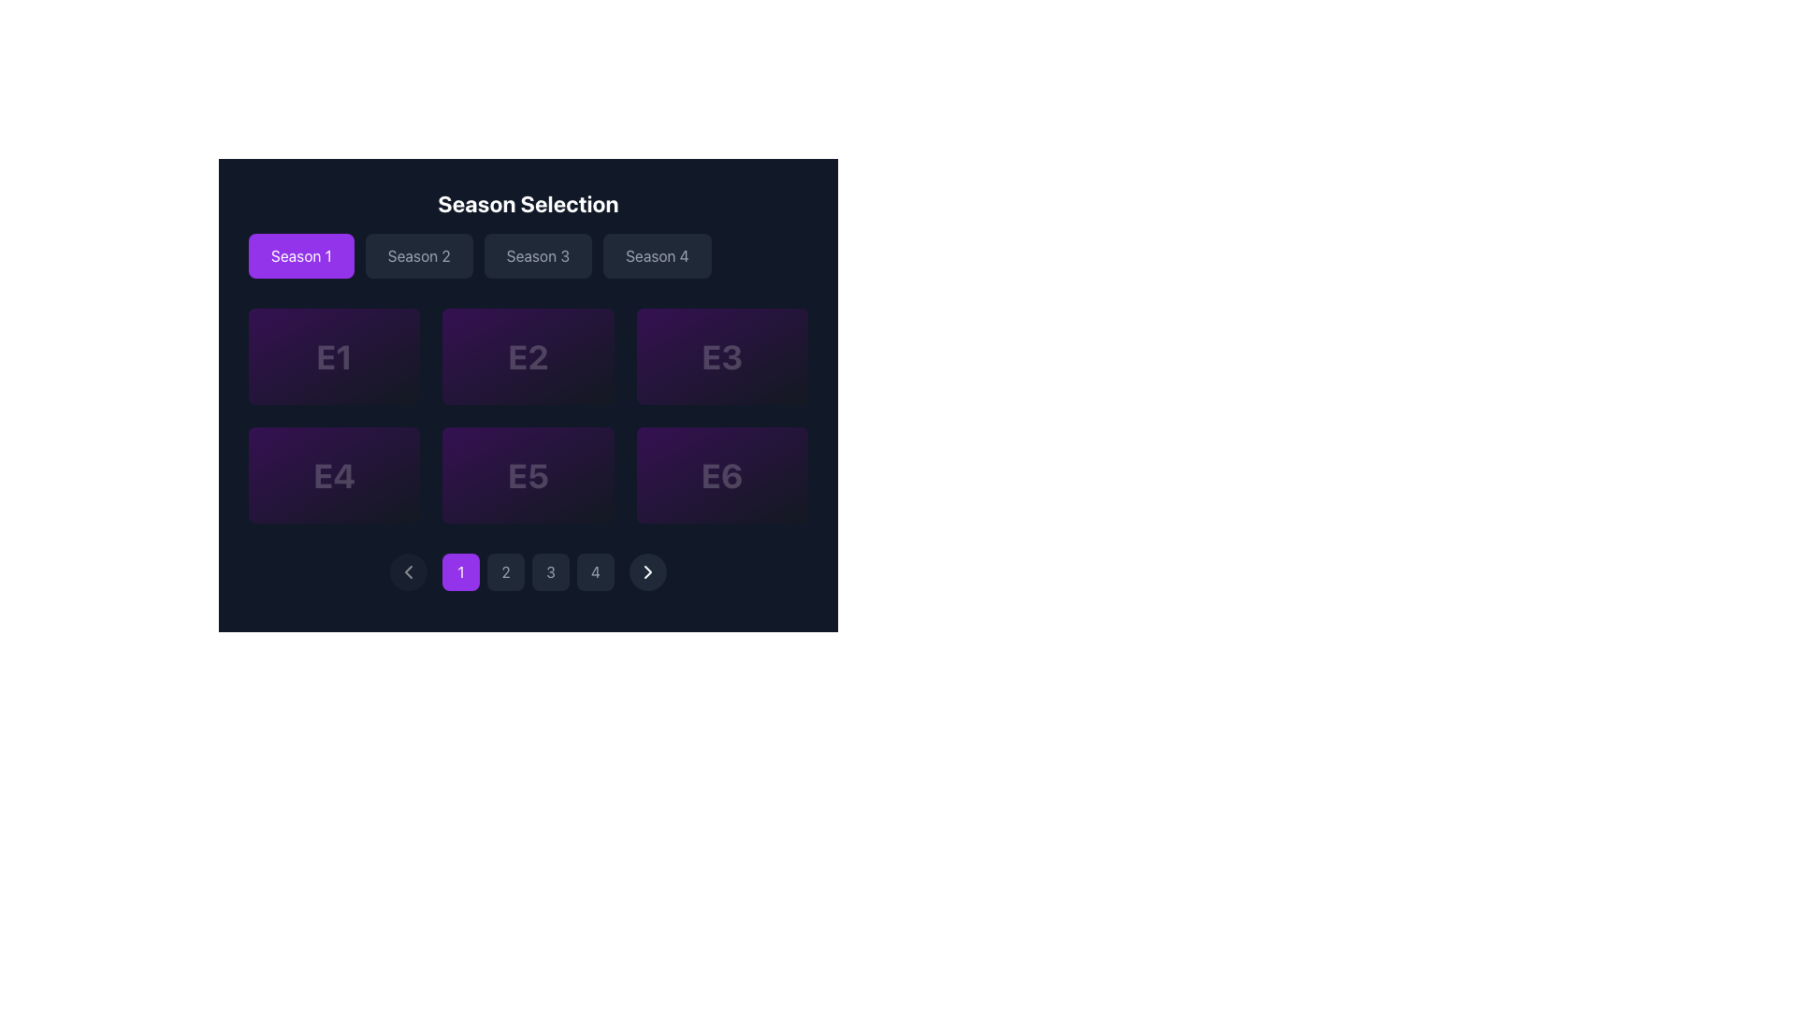 The width and height of the screenshot is (1796, 1010). What do you see at coordinates (528, 356) in the screenshot?
I see `the button` at bounding box center [528, 356].